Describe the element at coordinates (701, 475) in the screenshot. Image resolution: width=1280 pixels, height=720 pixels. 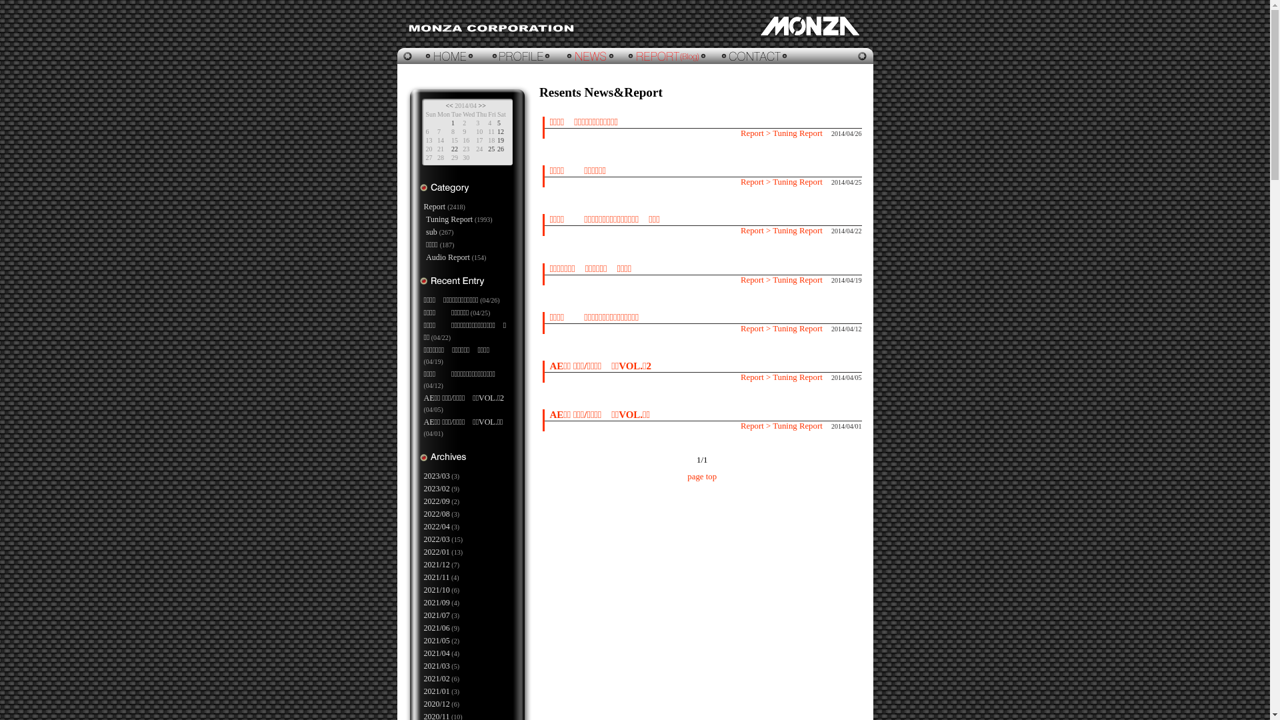
I see `'page top'` at that location.